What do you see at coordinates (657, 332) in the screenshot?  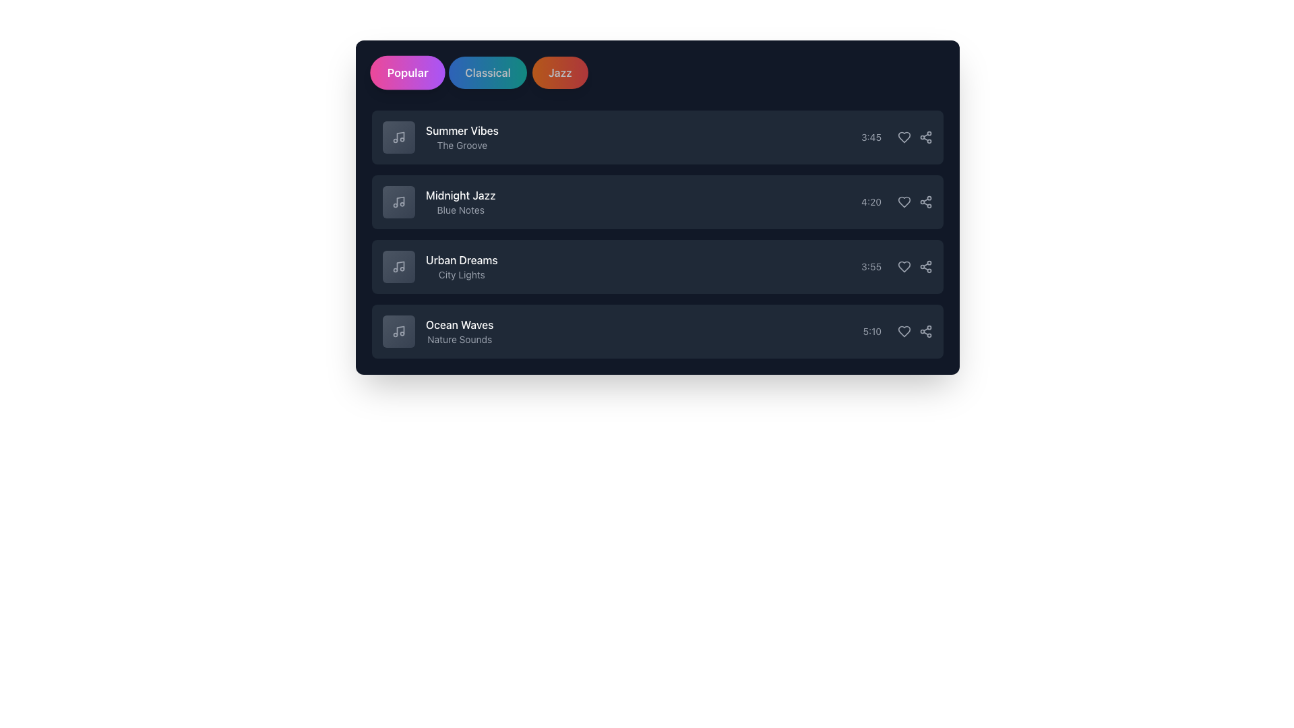 I see `the fourth list item containing multimedia information about a music track, which includes its title, category, and duration to activate an action` at bounding box center [657, 332].